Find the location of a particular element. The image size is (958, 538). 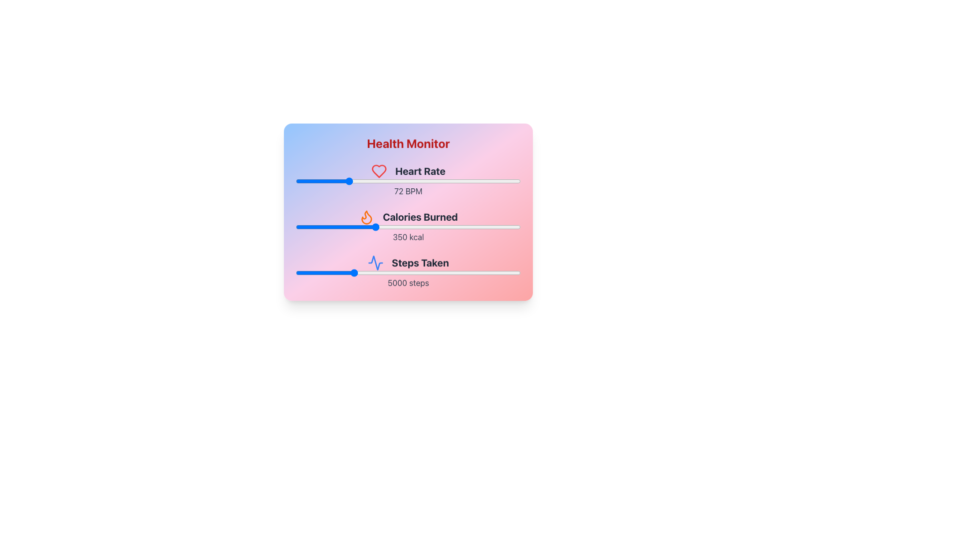

the flame-shaped orange icon located to the left of the 'Calories Burned' label is located at coordinates (366, 216).